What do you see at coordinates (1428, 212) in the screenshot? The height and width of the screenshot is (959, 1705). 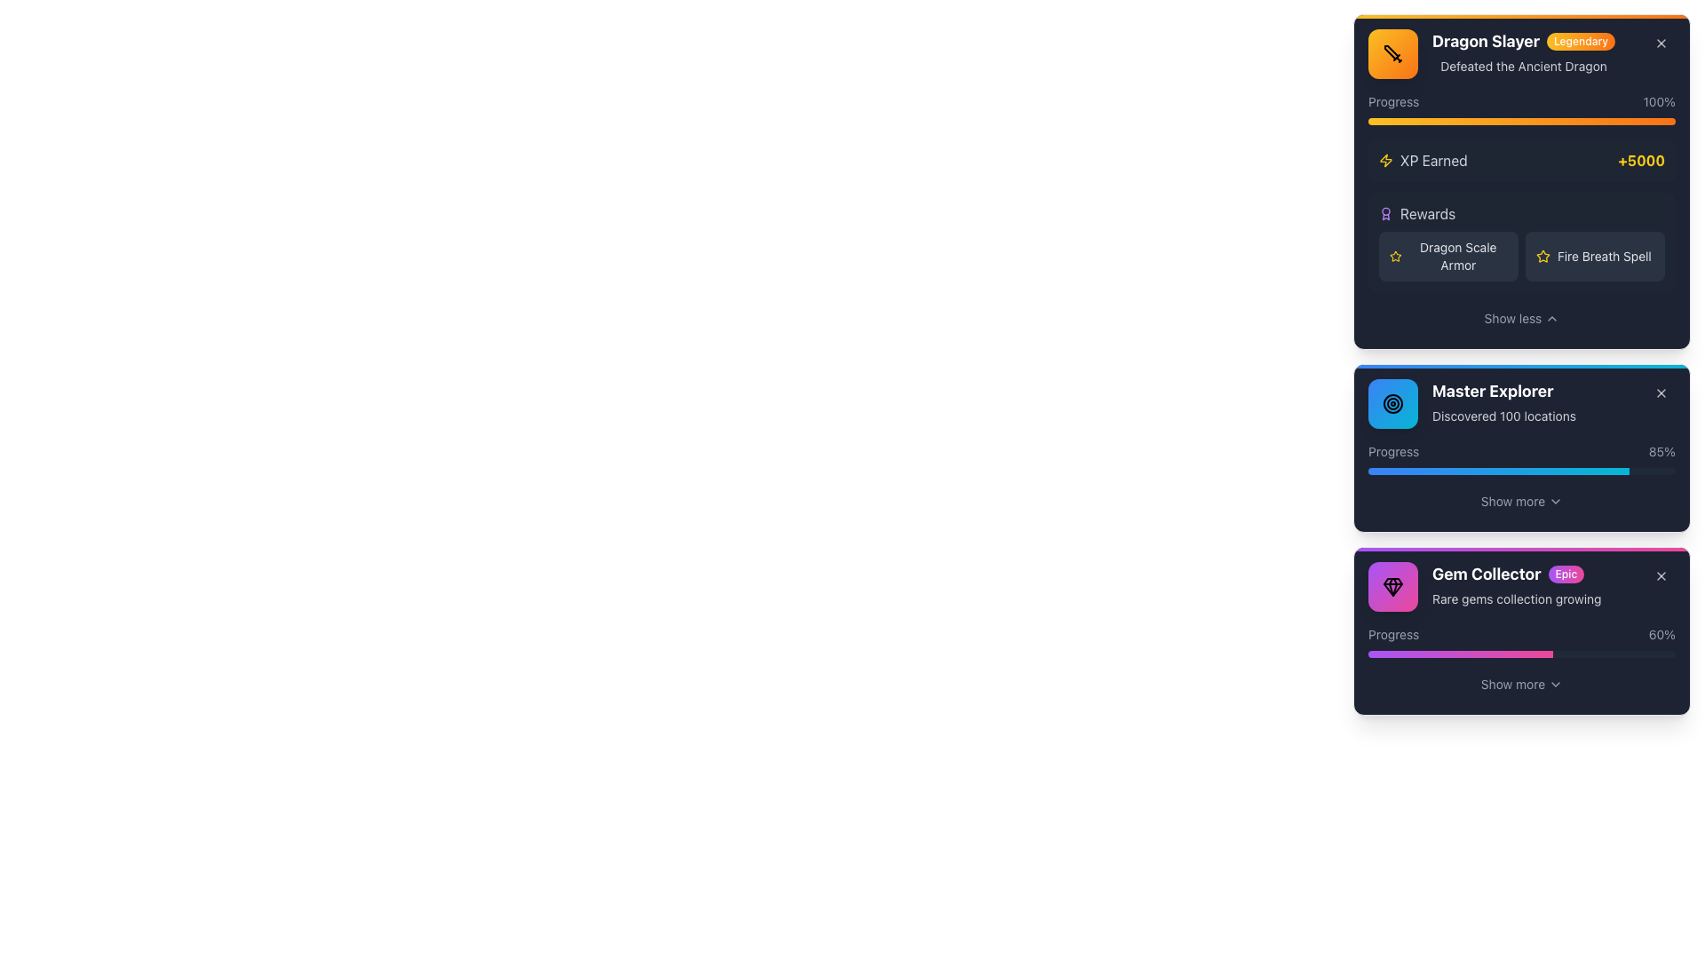 I see `the 'Rewards' text label, which is styled in light gray and located beside a medal icon, within the 'Dragon Slayer' section` at bounding box center [1428, 212].